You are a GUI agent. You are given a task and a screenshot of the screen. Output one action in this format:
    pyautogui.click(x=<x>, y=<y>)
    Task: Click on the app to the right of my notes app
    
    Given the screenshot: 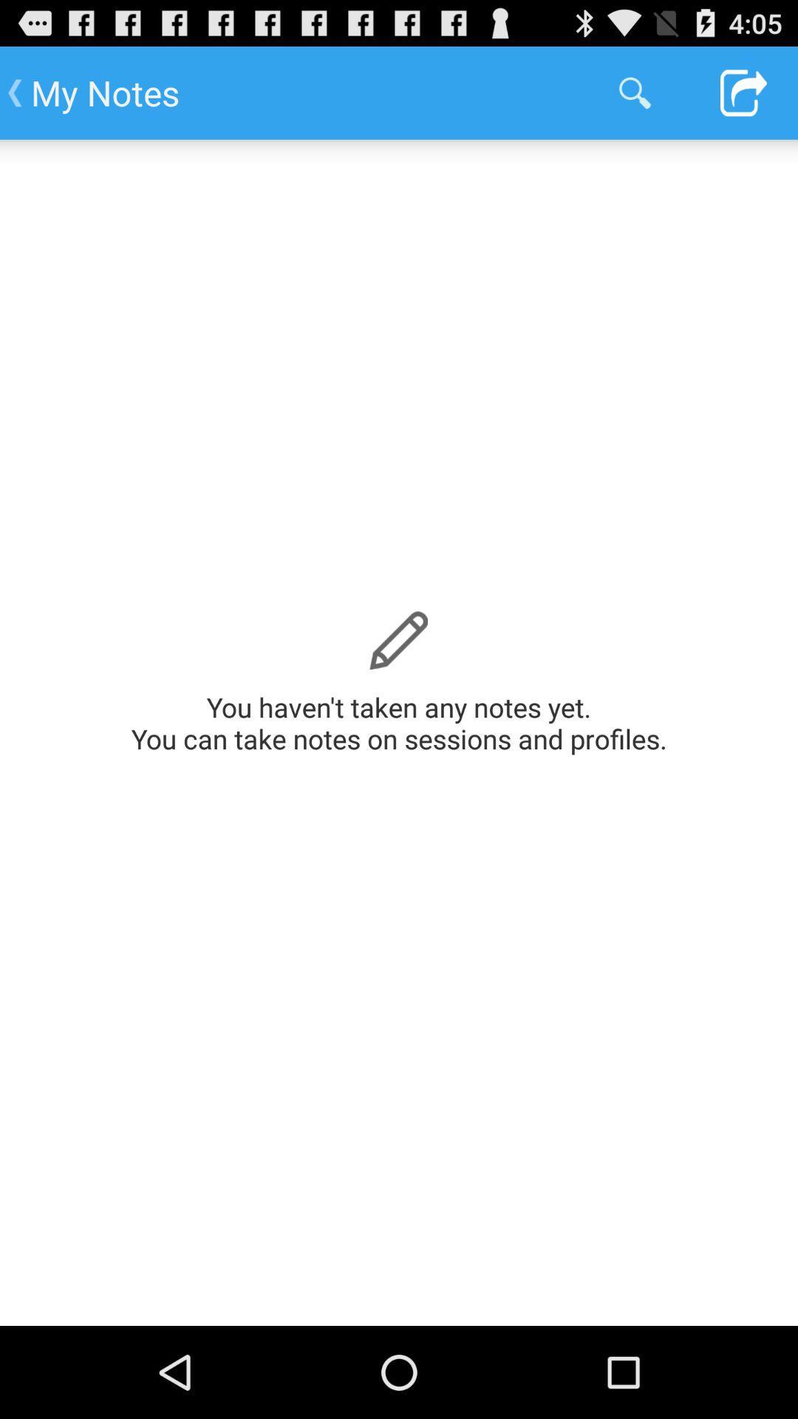 What is the action you would take?
    pyautogui.click(x=634, y=92)
    